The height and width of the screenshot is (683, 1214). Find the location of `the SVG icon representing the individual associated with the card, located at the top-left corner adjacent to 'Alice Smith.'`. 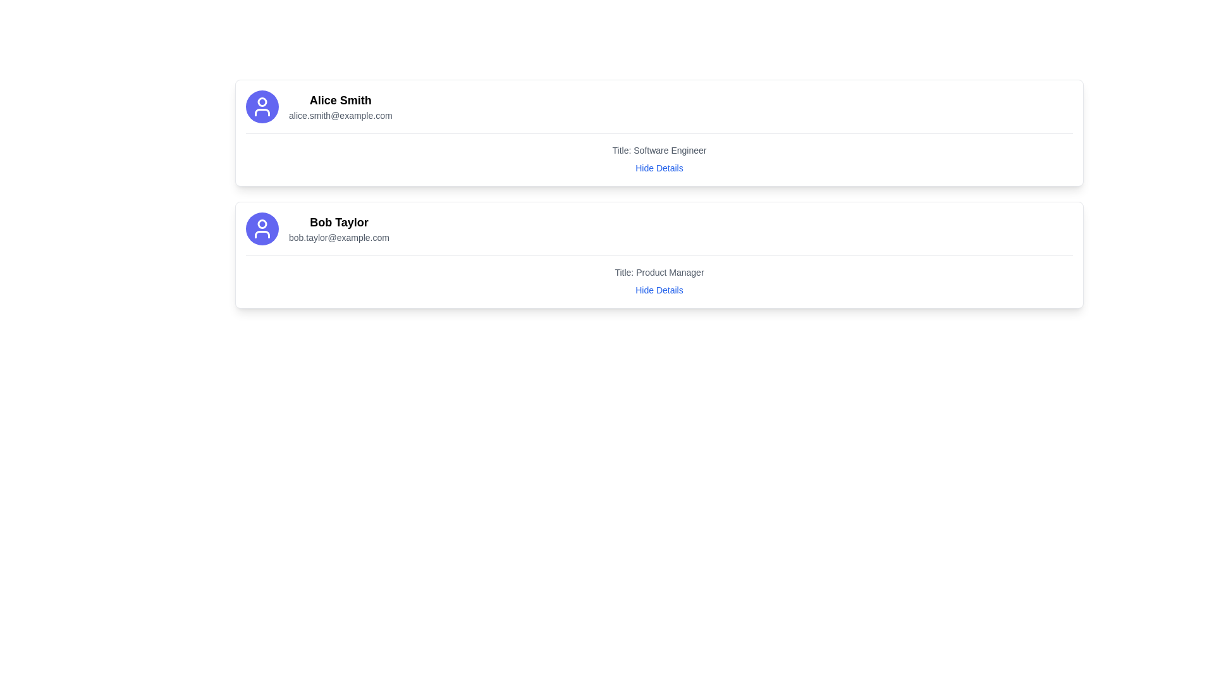

the SVG icon representing the individual associated with the card, located at the top-left corner adjacent to 'Alice Smith.' is located at coordinates (261, 106).